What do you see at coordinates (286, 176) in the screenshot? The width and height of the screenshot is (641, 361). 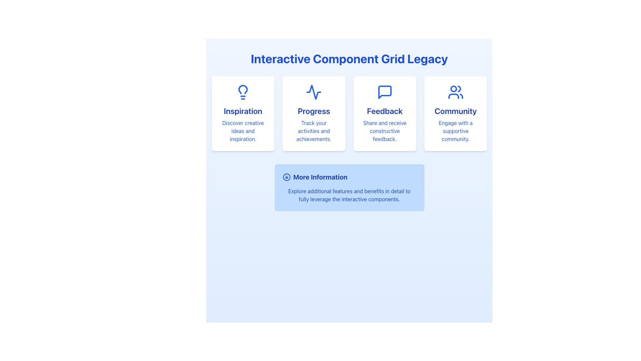 I see `the SVG Circle Shape that serves as the circular base for the downward-pointing arrow icon in the 'More Information' card located below the primary grid of options` at bounding box center [286, 176].